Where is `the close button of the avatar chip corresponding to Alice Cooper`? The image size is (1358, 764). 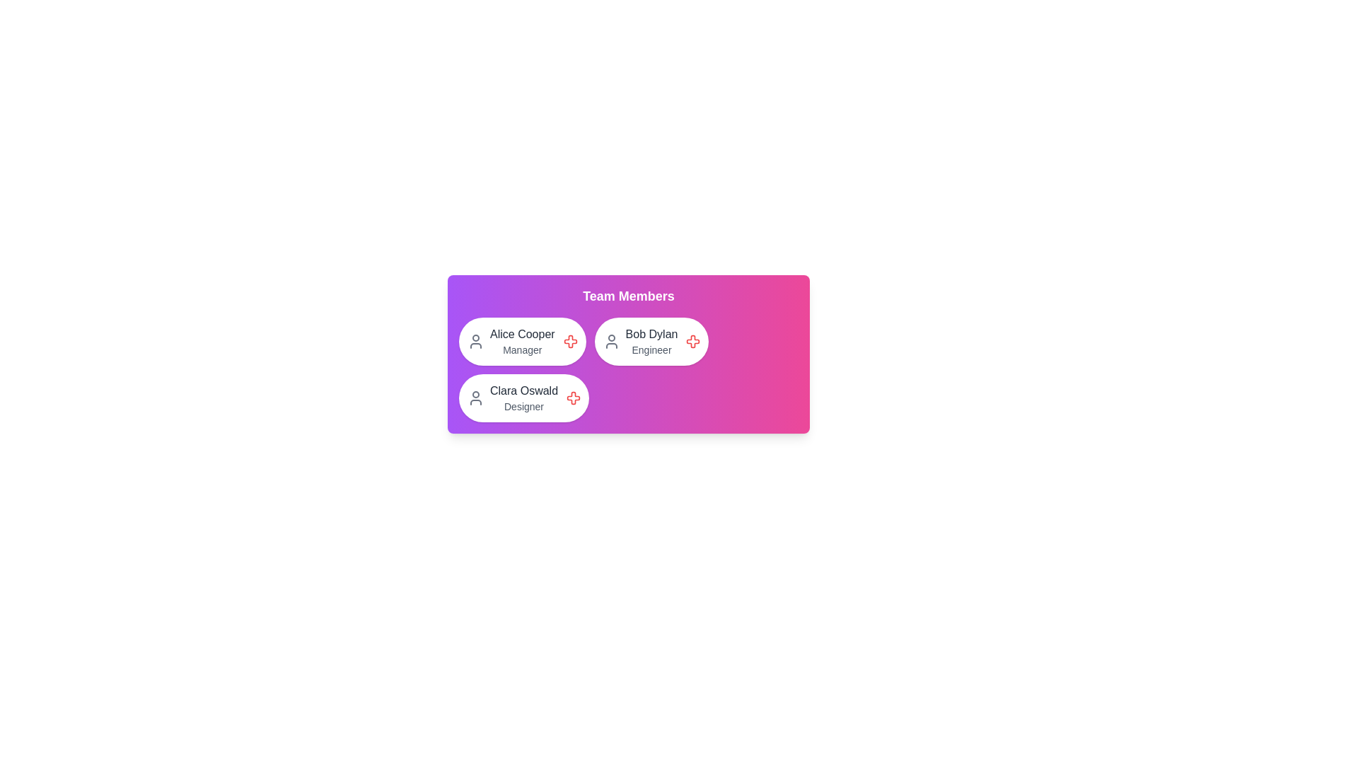
the close button of the avatar chip corresponding to Alice Cooper is located at coordinates (570, 341).